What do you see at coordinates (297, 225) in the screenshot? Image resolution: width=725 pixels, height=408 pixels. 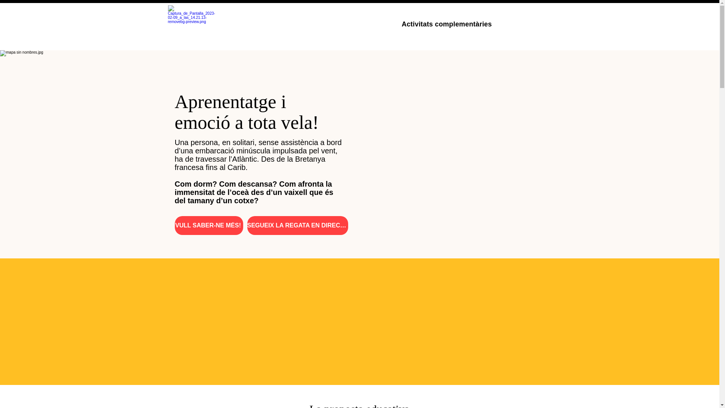 I see `'SEGUEIX LA REGATA EN DIRECTE'` at bounding box center [297, 225].